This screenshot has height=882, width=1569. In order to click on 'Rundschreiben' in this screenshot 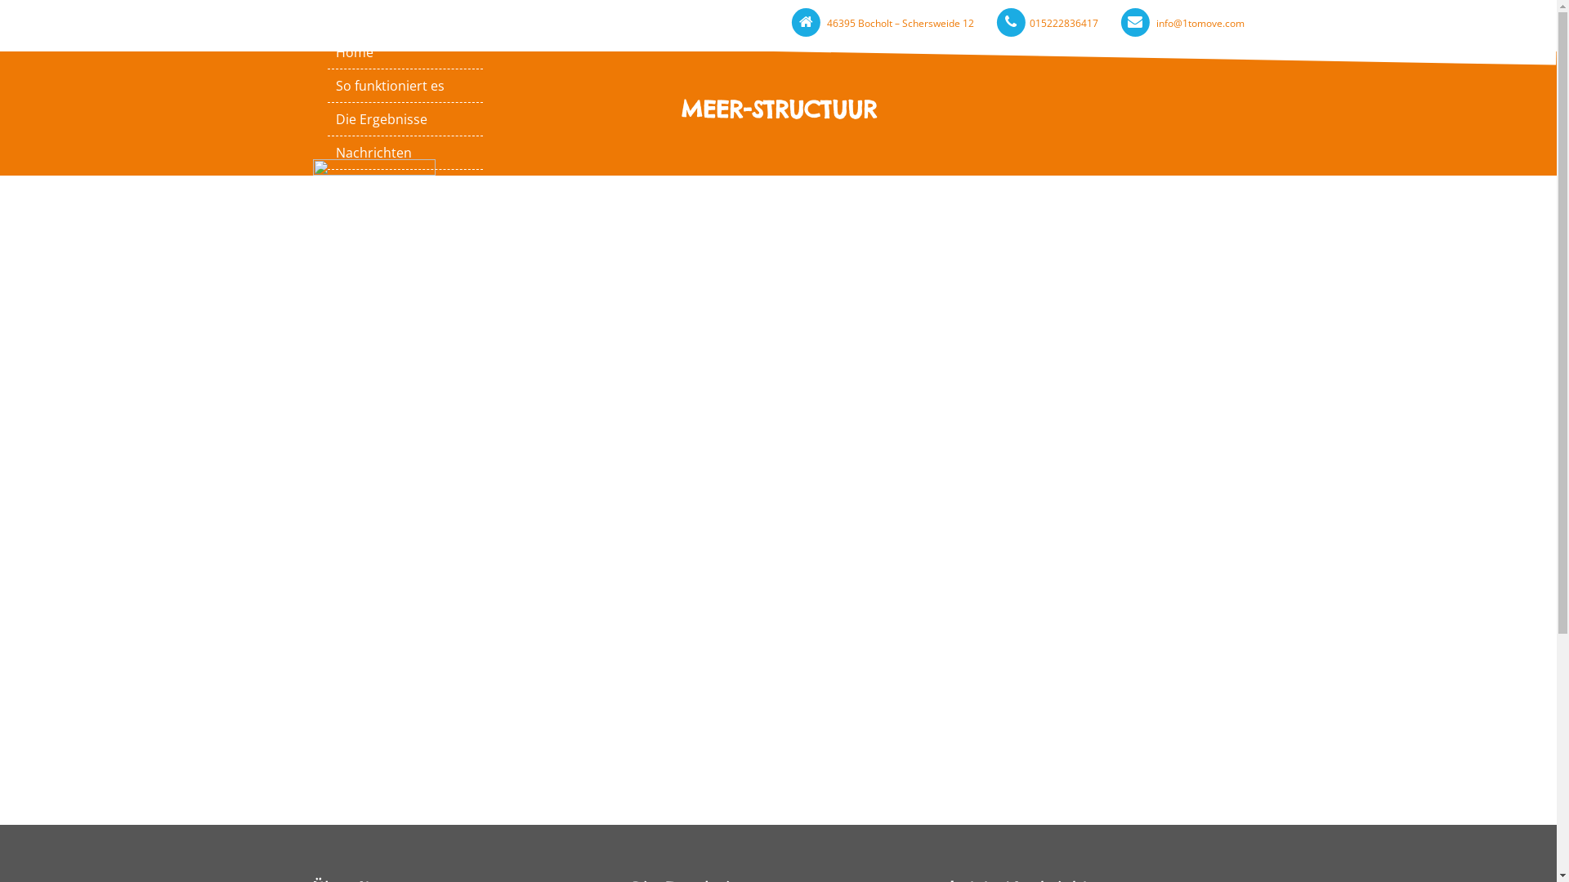, I will do `click(327, 252)`.